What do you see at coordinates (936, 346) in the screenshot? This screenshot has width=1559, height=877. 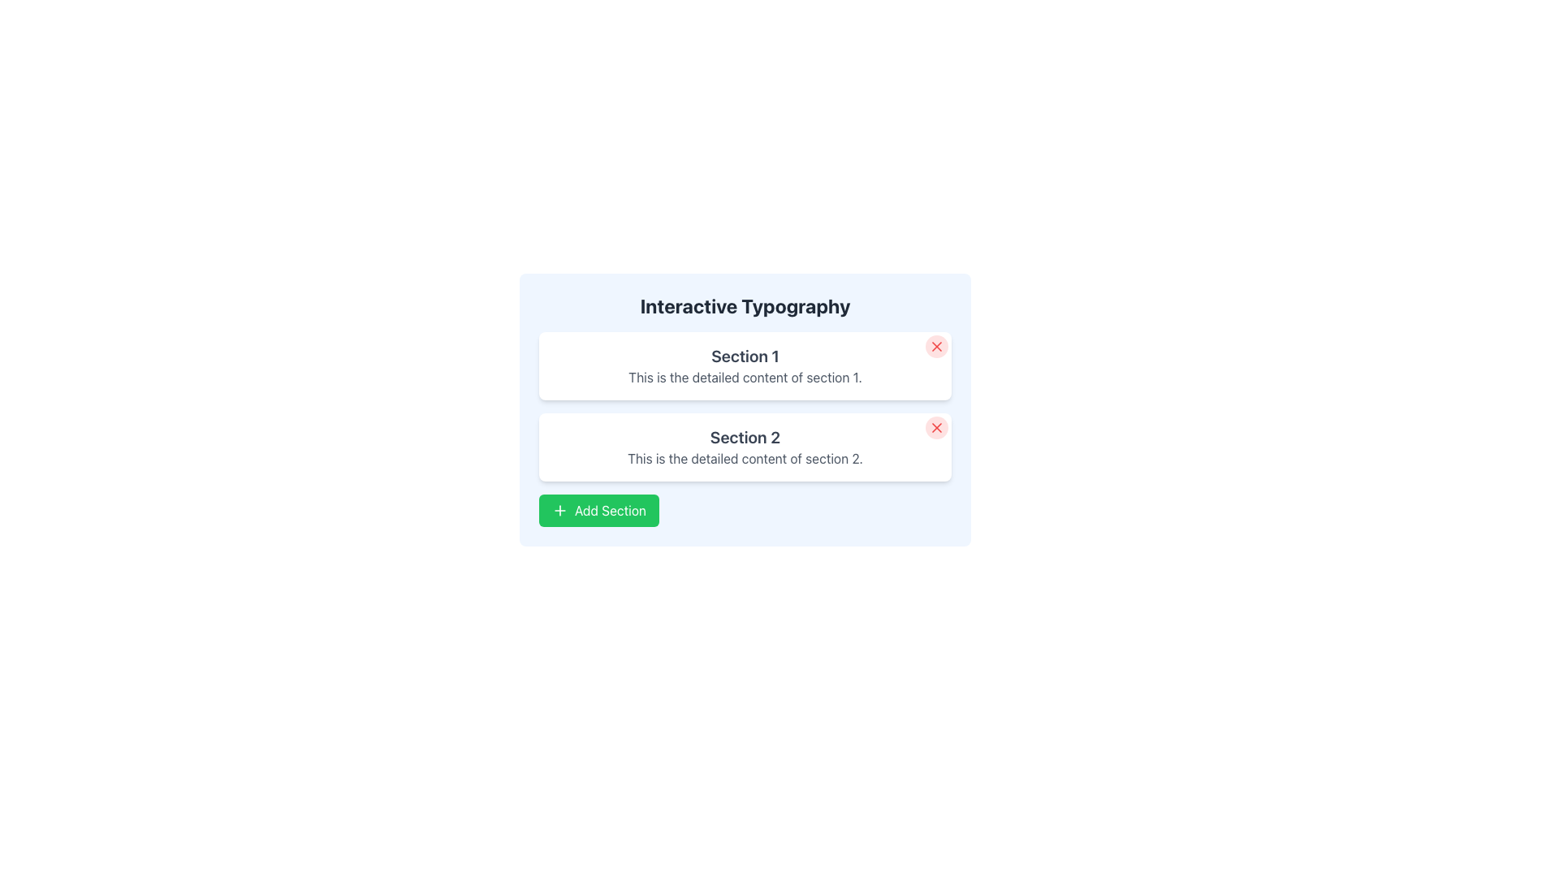 I see `the close button located at the top-right corner of the 'Section 1' card` at bounding box center [936, 346].